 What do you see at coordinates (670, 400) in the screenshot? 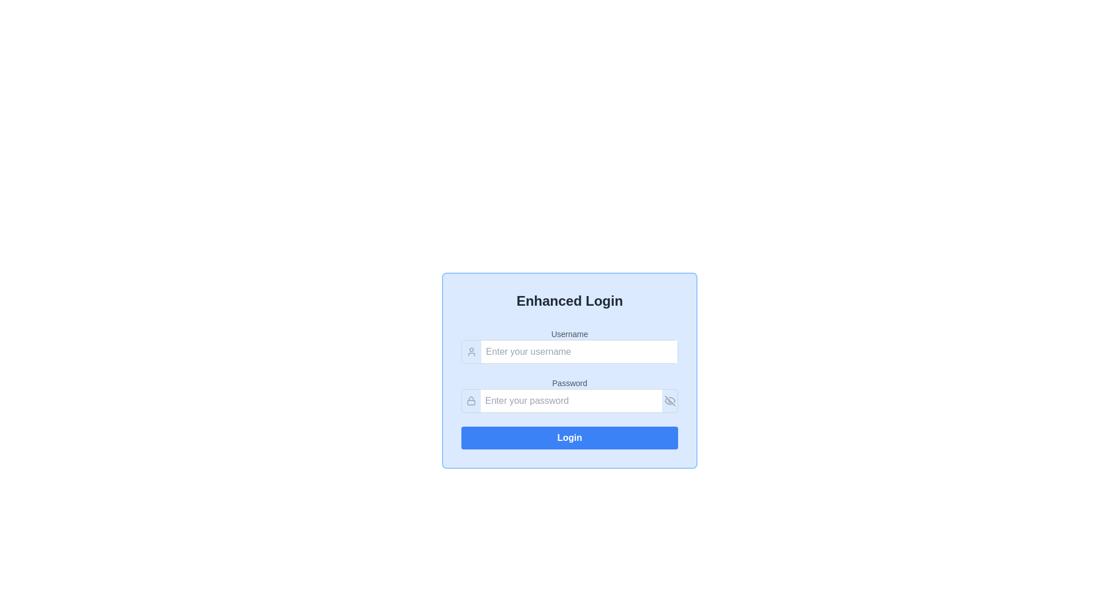
I see `the circular button with an eye icon and a slash, located at the far right of the password input field in the login form` at bounding box center [670, 400].